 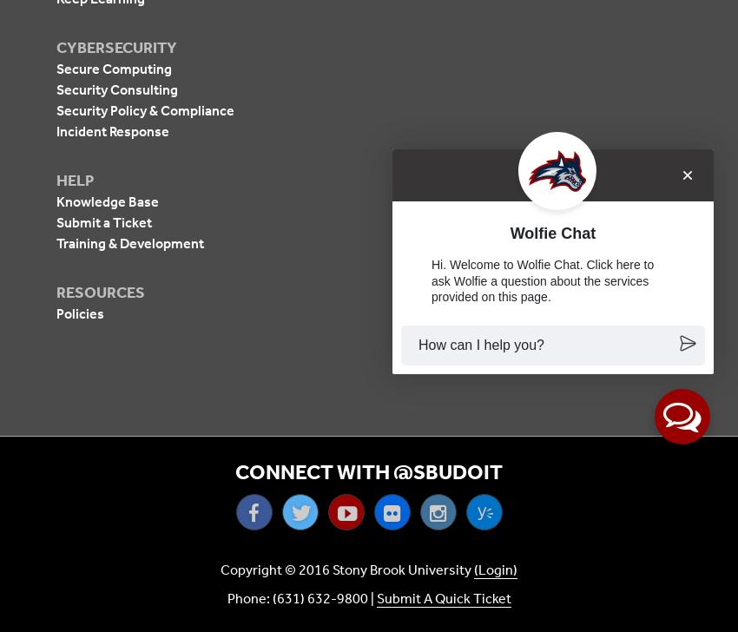 I want to click on 'Knowledge Base', so click(x=56, y=201).